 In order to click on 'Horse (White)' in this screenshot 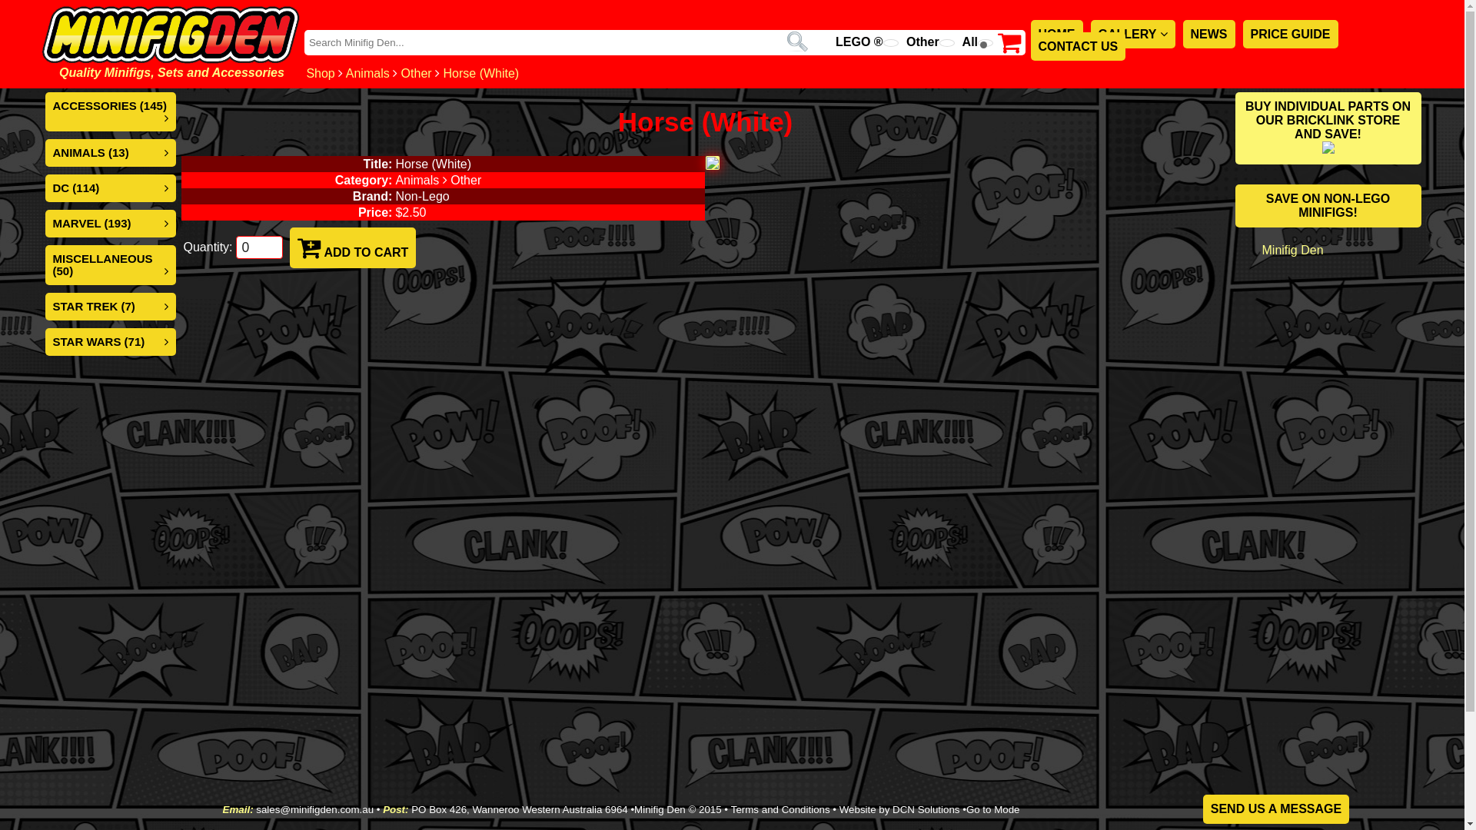, I will do `click(480, 73)`.